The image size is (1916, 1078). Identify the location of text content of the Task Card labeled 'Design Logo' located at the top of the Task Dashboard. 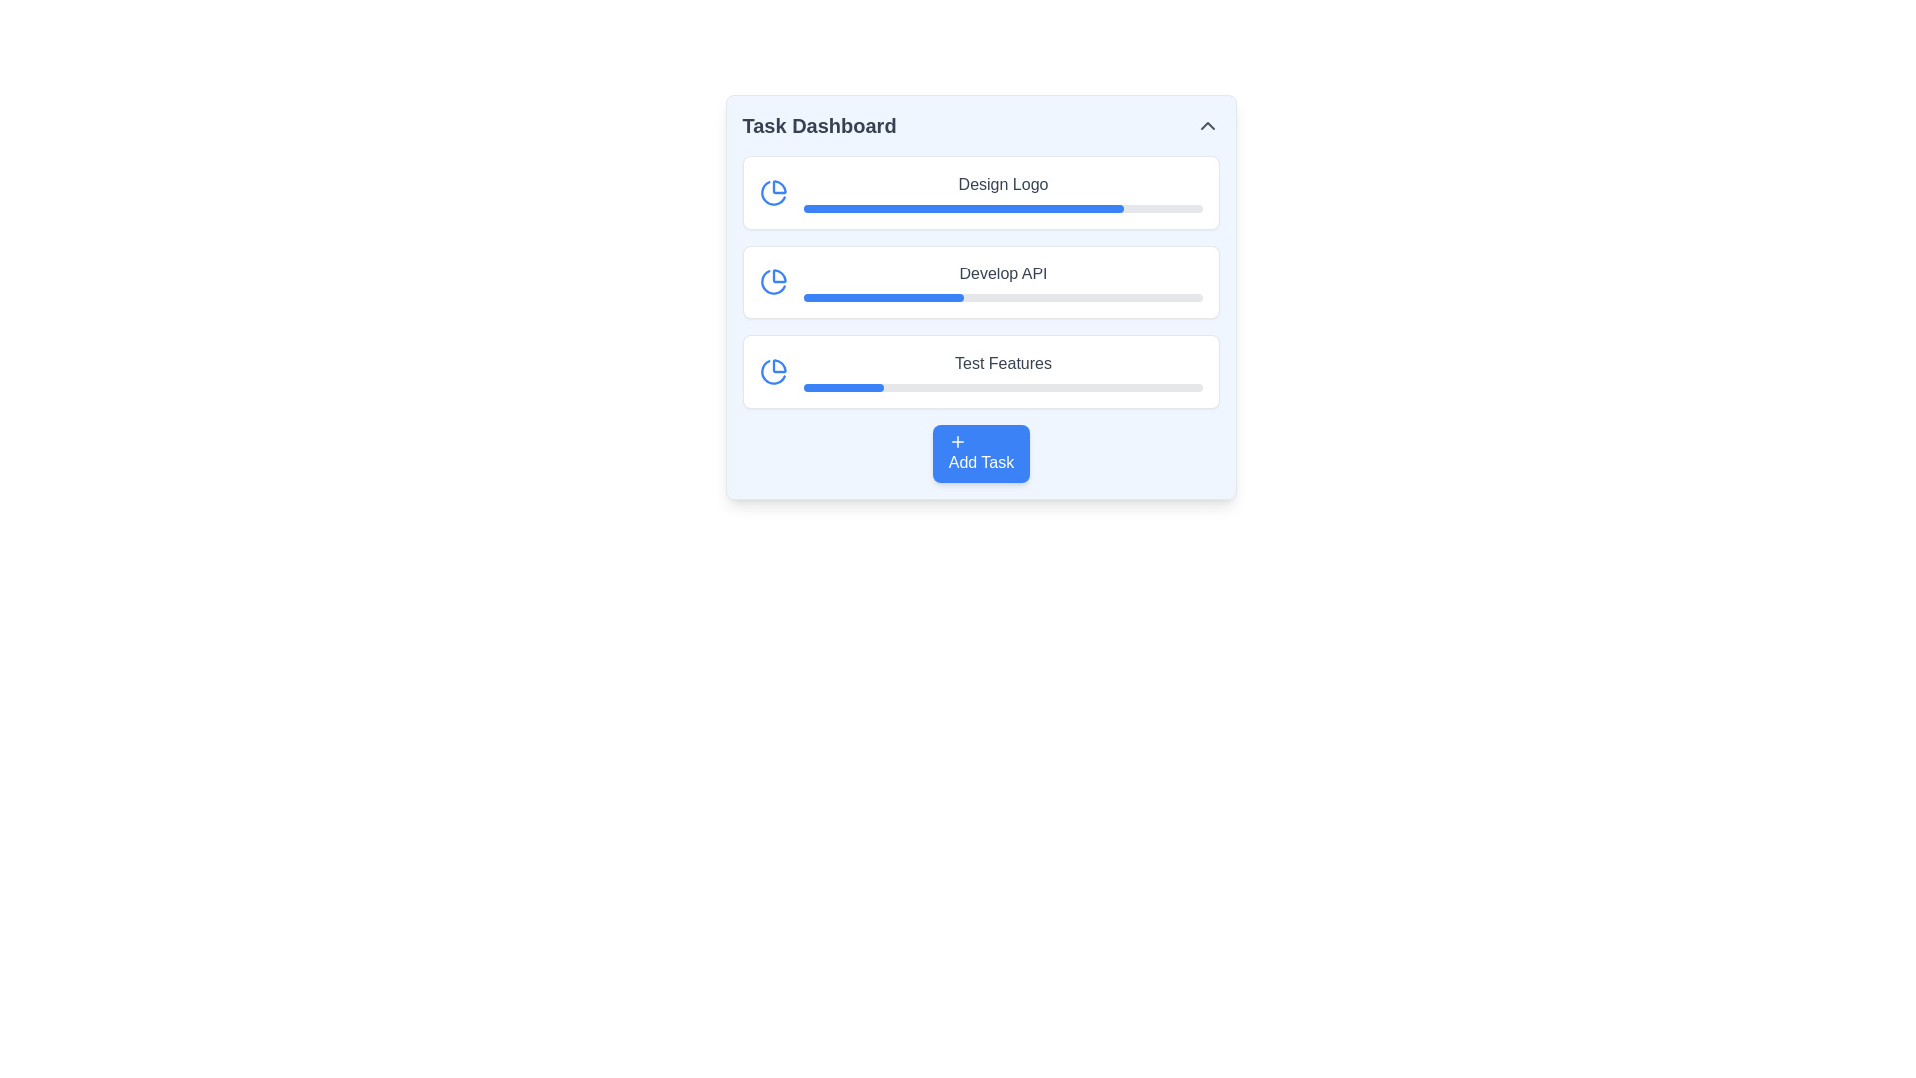
(981, 192).